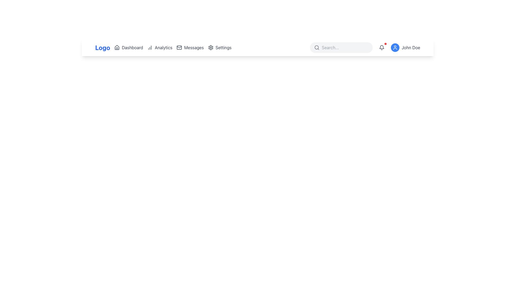  I want to click on the bell icon located in the top-right corner of the user interface, so click(382, 47).